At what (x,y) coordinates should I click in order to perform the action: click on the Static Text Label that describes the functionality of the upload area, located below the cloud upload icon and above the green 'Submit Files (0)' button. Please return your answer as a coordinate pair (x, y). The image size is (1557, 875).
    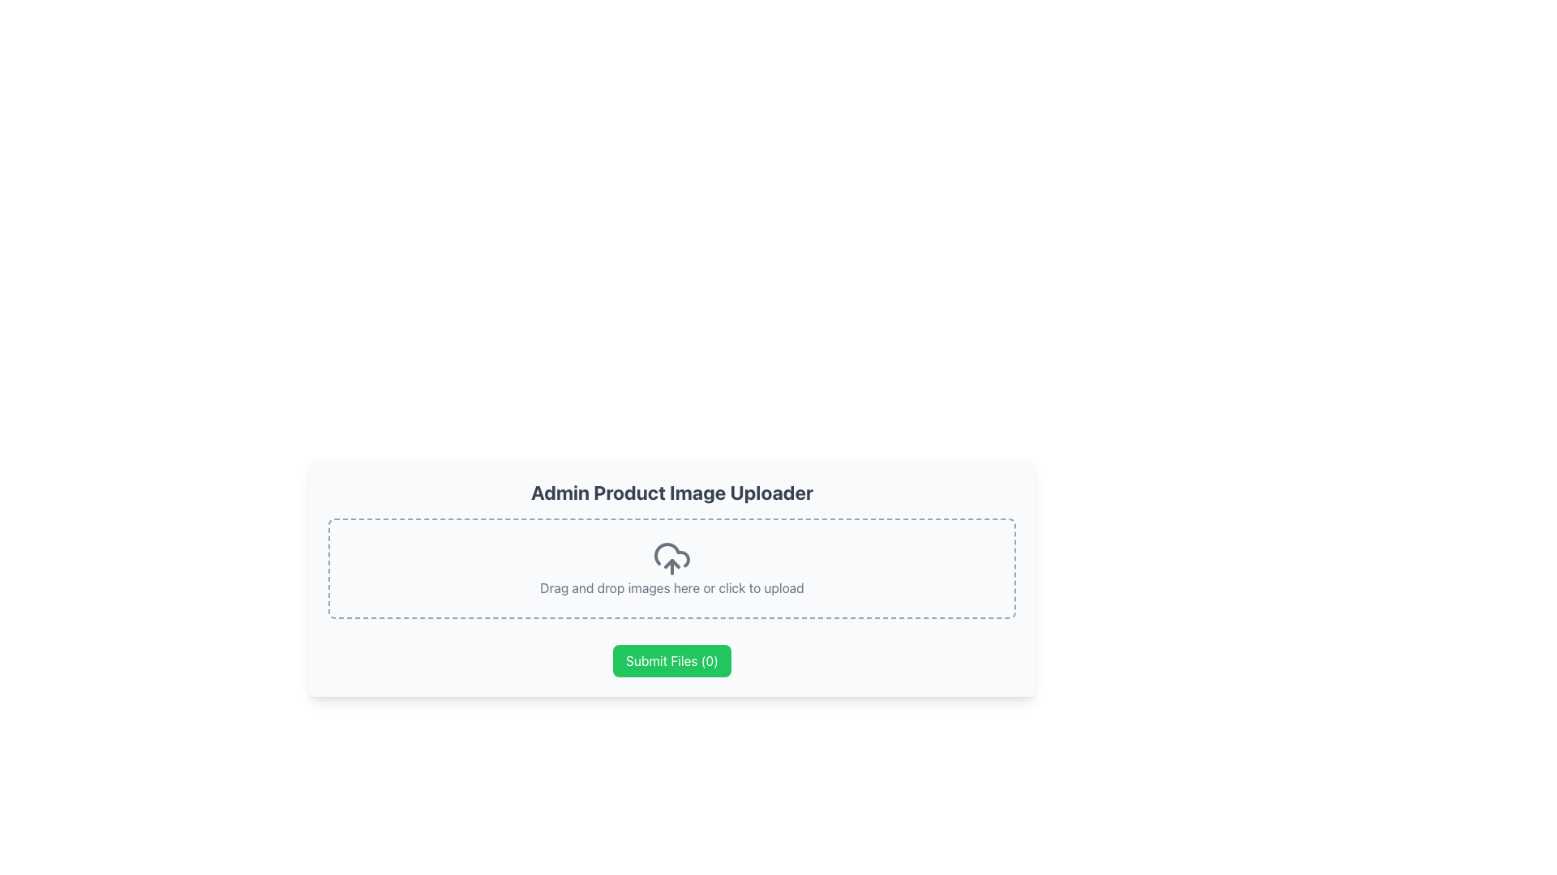
    Looking at the image, I should click on (672, 587).